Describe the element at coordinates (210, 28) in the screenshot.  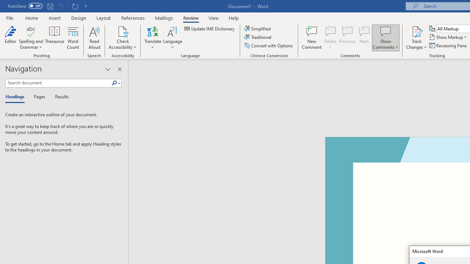
I see `'Update IME Dictionary...'` at that location.